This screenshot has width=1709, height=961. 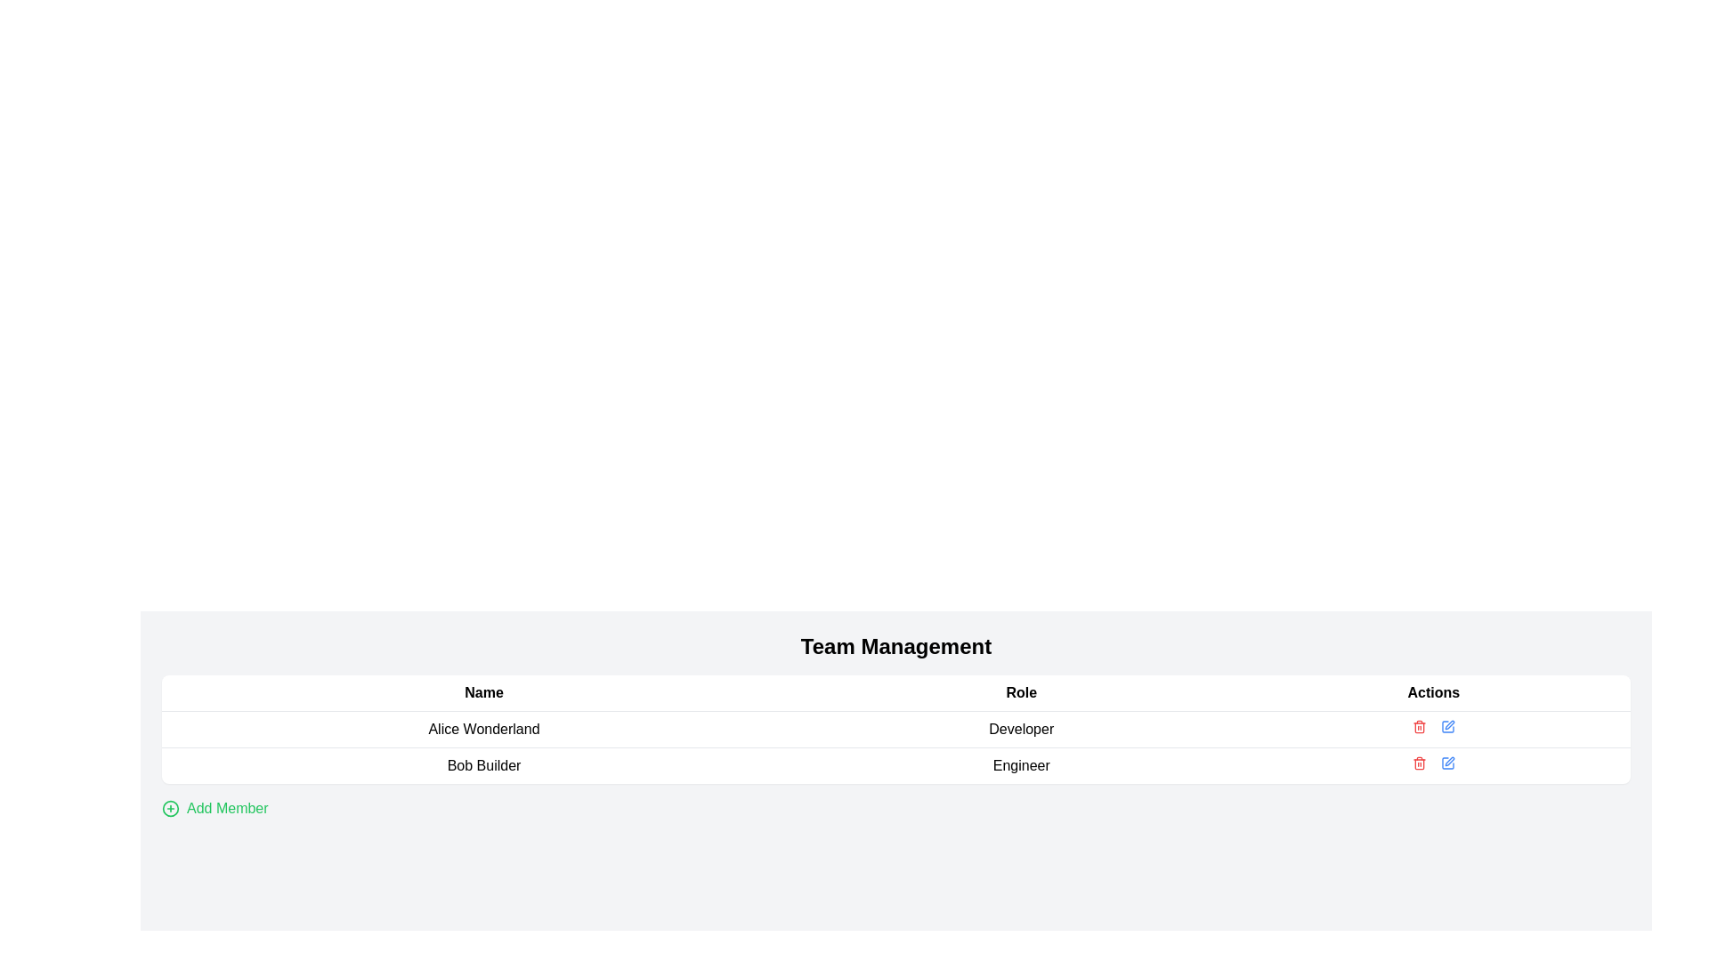 I want to click on the circular part of the 'Add Member' SVG icon to initiate the action of adding a new member to the list, so click(x=171, y=809).